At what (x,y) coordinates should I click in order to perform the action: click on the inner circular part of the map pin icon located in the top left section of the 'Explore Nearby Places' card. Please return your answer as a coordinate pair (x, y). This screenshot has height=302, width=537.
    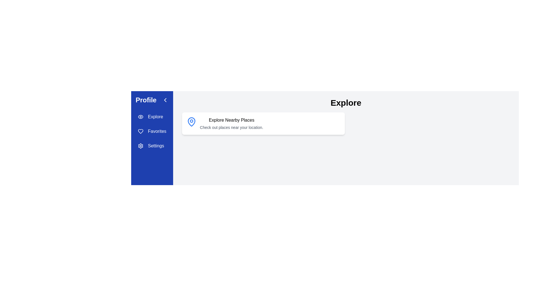
    Looking at the image, I should click on (191, 121).